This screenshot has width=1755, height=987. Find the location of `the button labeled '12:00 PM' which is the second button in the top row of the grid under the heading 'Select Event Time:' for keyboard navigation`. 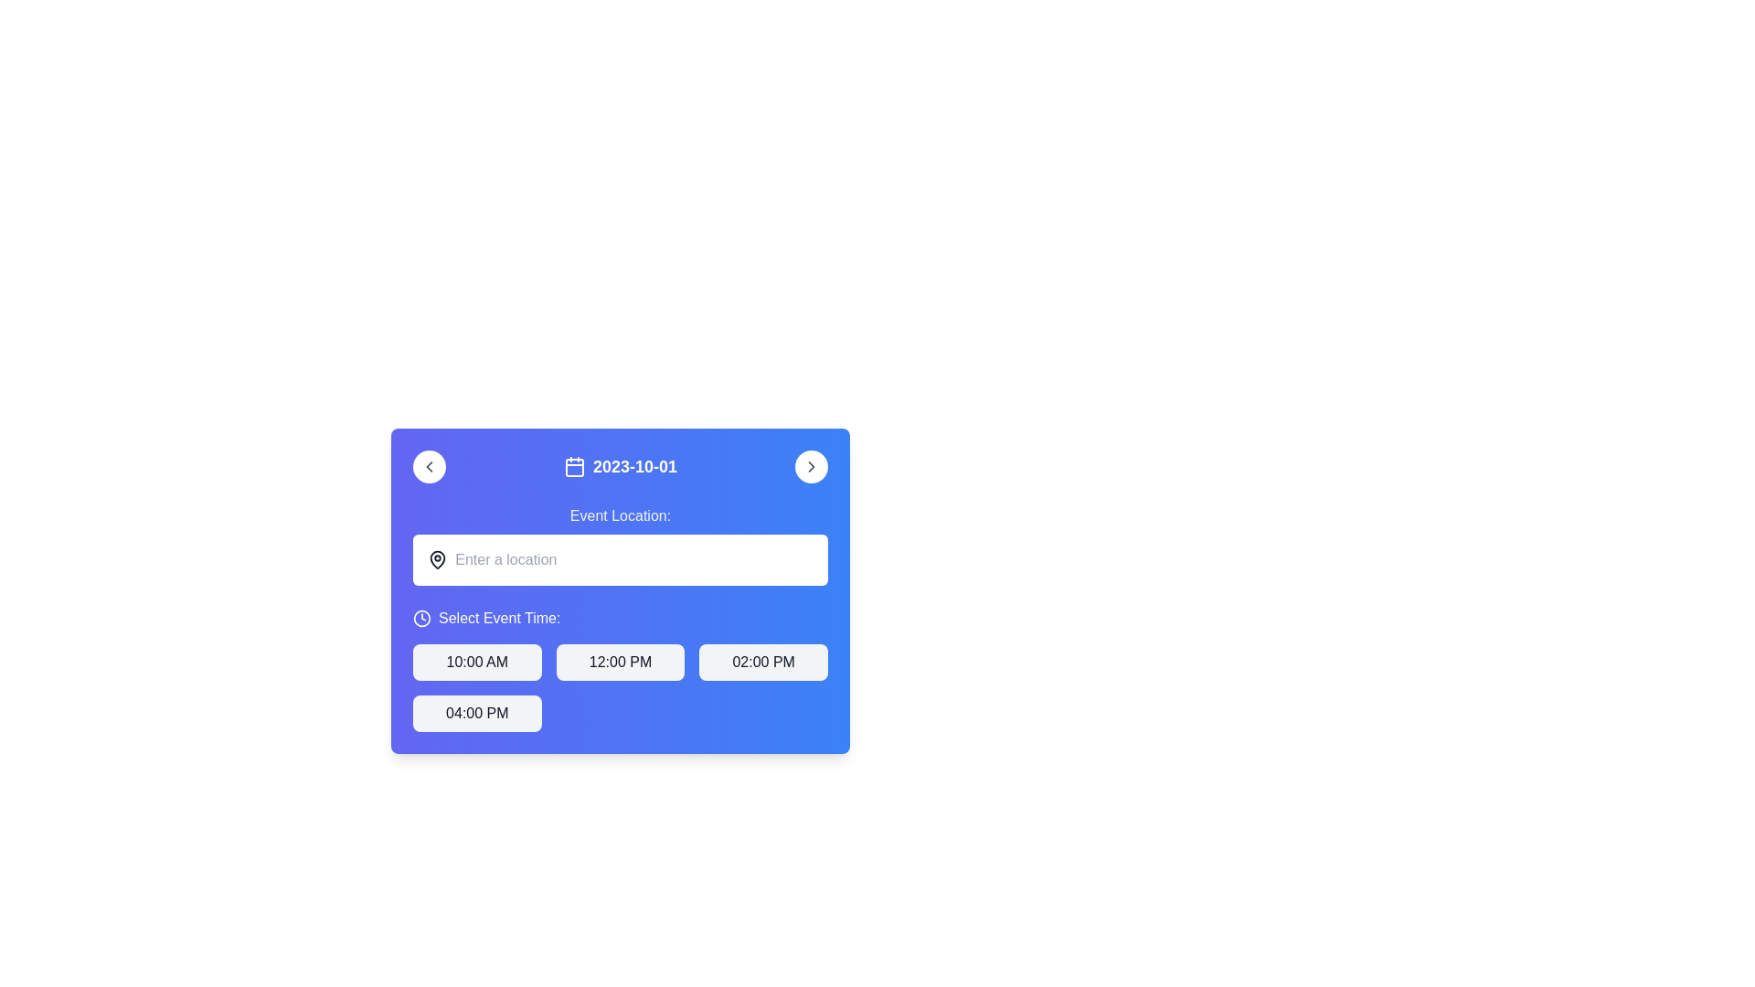

the button labeled '12:00 PM' which is the second button in the top row of the grid under the heading 'Select Event Time:' for keyboard navigation is located at coordinates (620, 669).